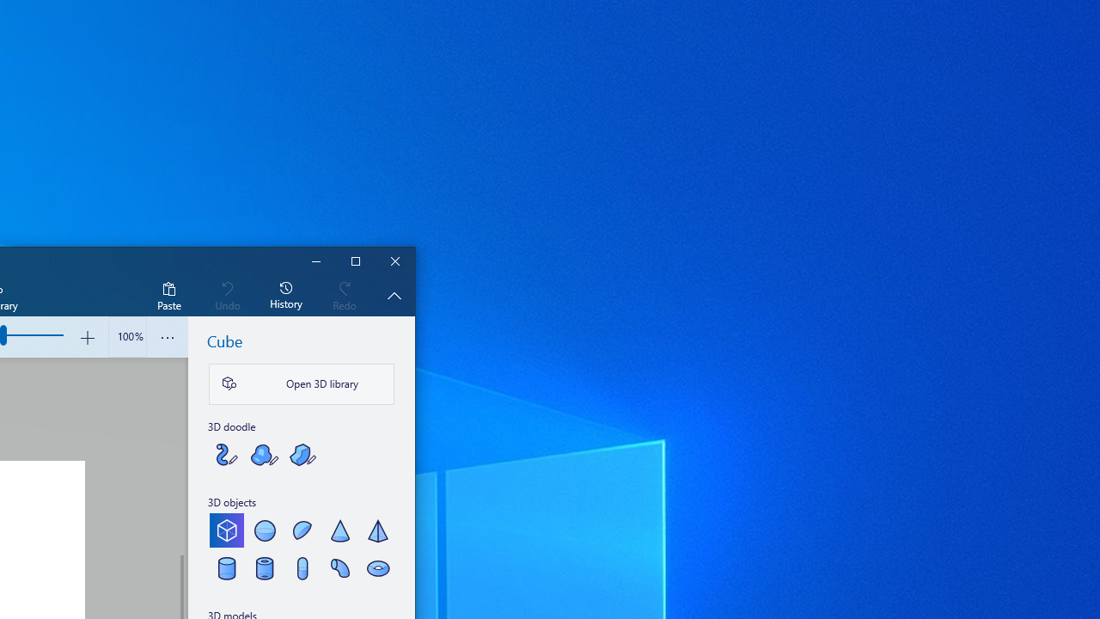  What do you see at coordinates (376, 567) in the screenshot?
I see `'Doughnut'` at bounding box center [376, 567].